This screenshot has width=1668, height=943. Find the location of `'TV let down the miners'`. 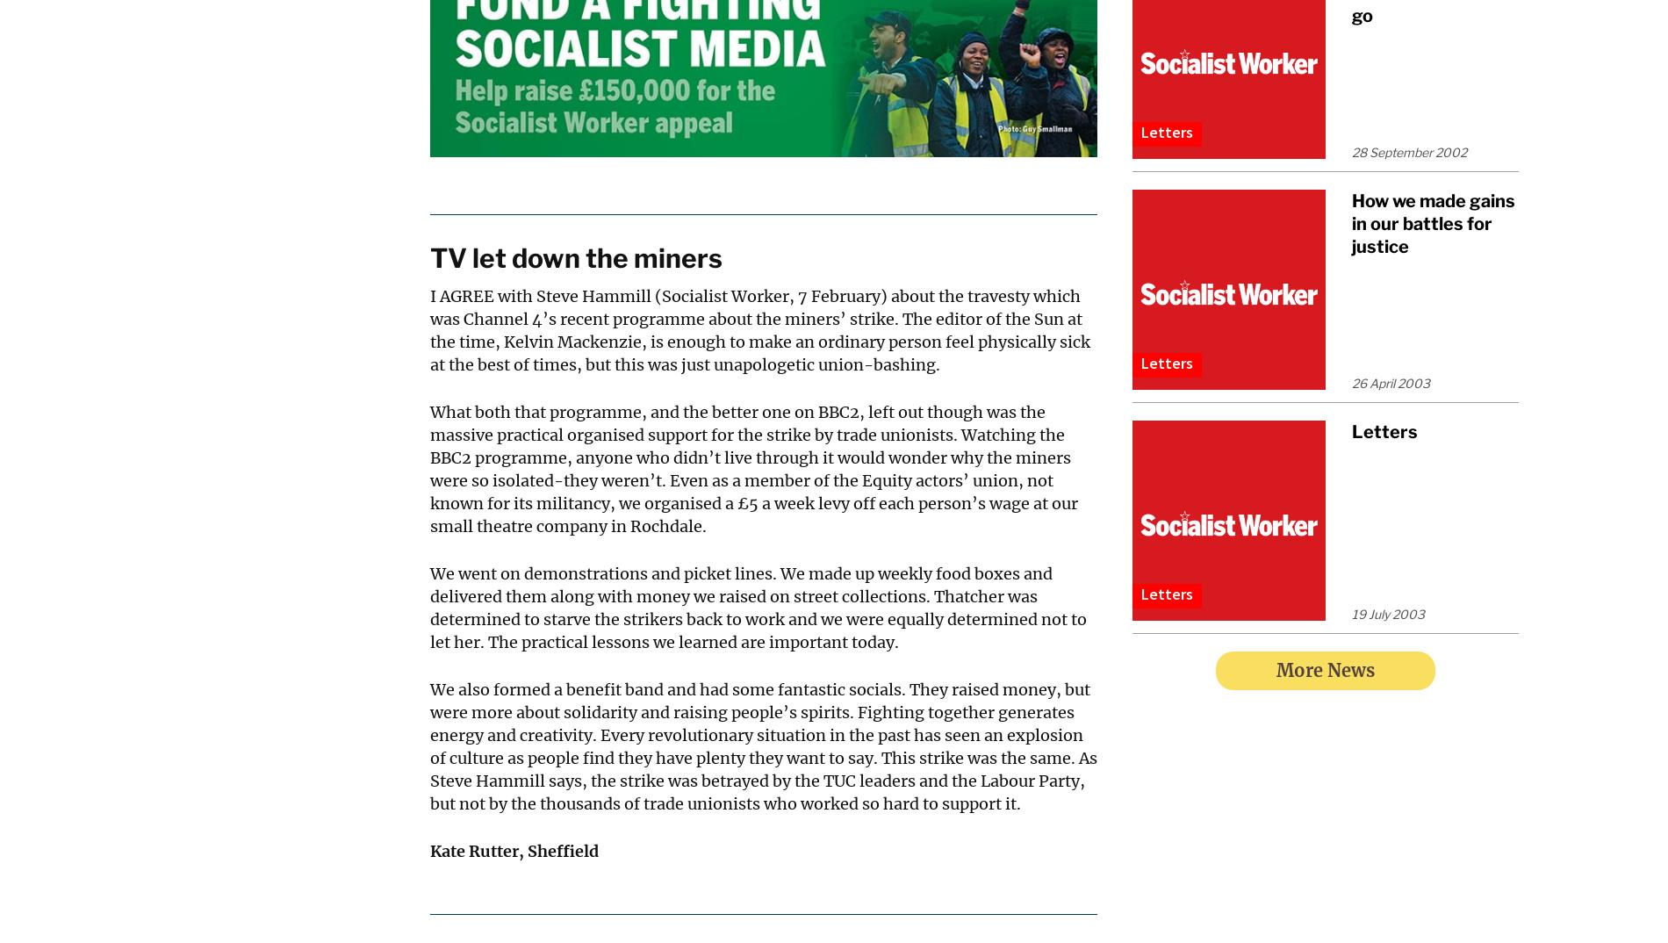

'TV let down the miners' is located at coordinates (576, 257).